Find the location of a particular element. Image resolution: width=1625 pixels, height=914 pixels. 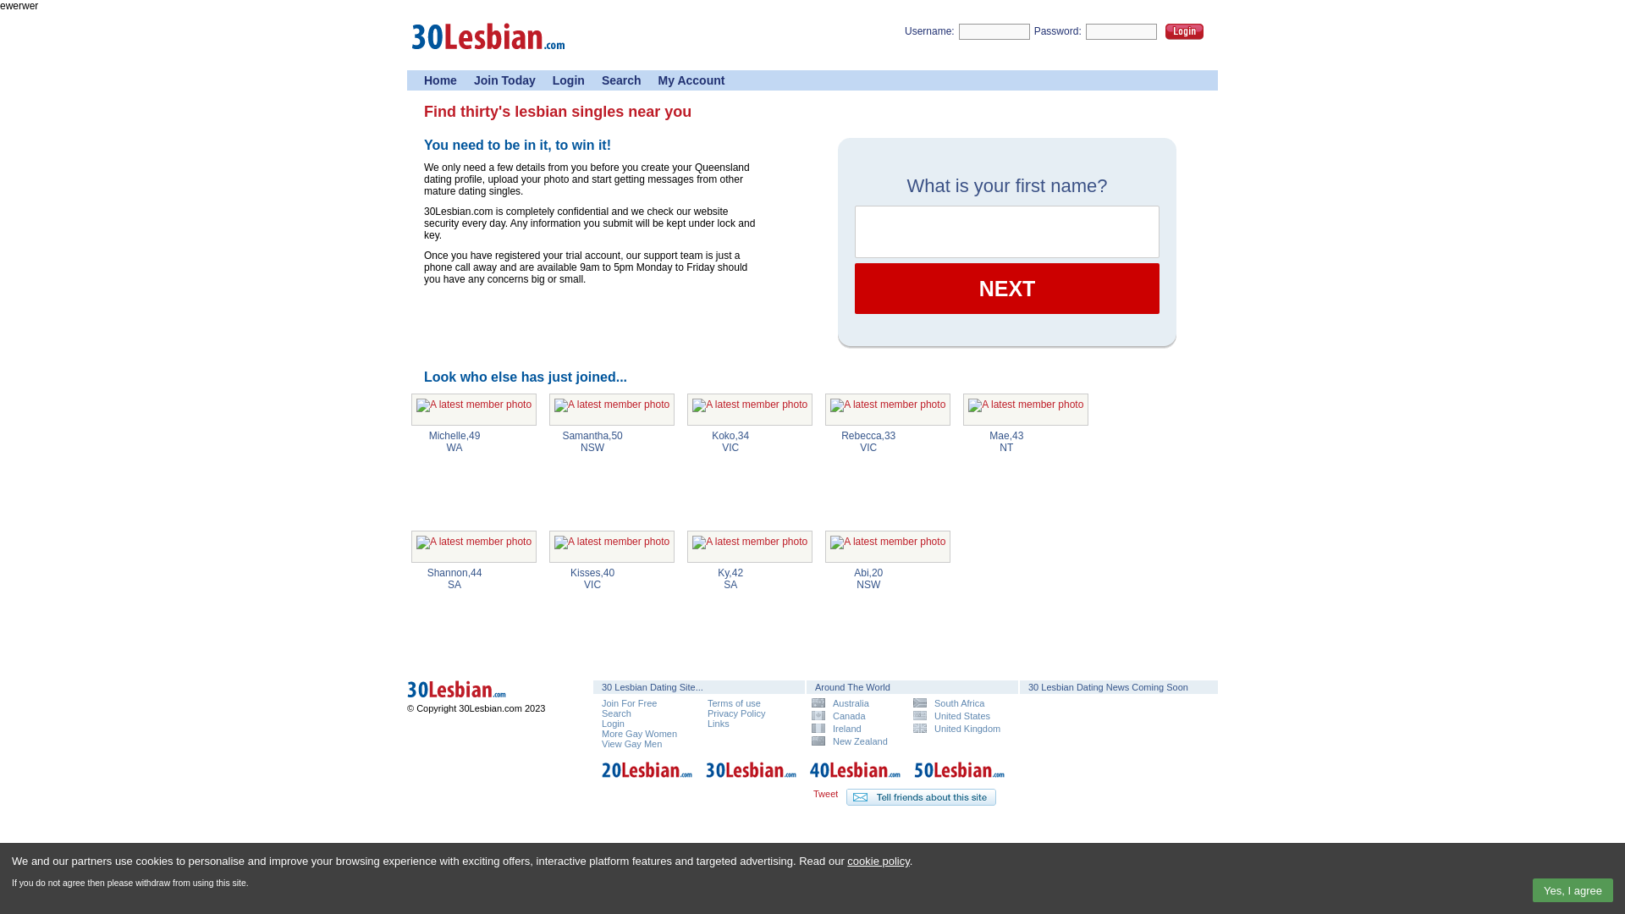

'Tell your friends about 30 Lesbian Dating' is located at coordinates (846, 796).